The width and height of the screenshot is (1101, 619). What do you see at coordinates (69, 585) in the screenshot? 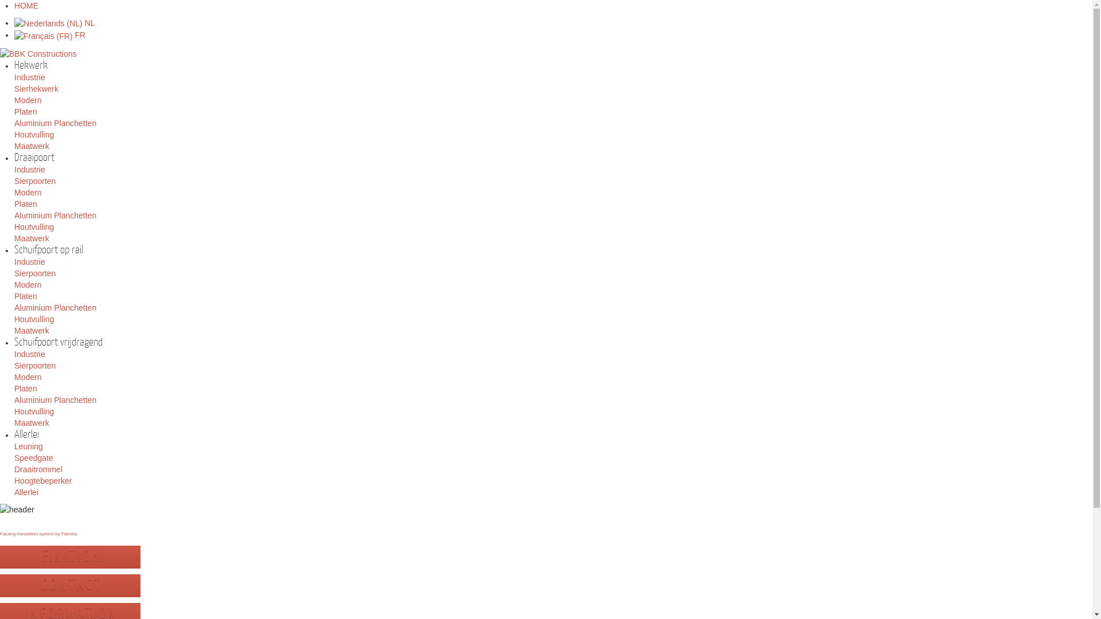
I see `'C O N T A C T'` at bounding box center [69, 585].